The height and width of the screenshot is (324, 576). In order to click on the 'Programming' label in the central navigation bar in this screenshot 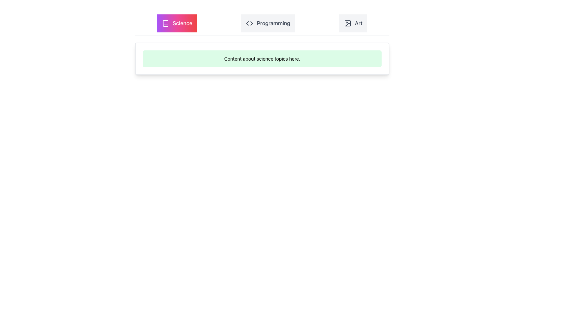, I will do `click(273, 23)`.